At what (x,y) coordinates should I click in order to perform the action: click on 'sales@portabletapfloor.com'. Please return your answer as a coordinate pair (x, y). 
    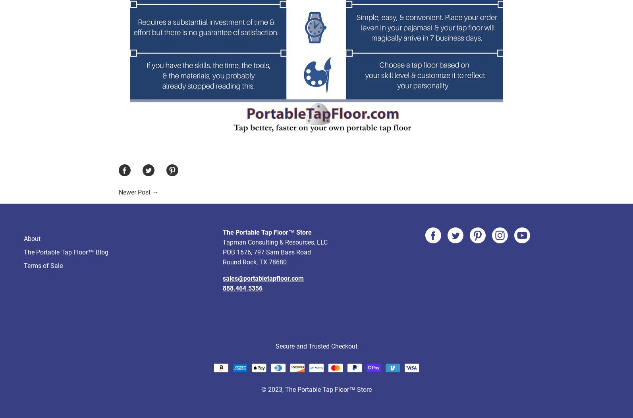
    Looking at the image, I should click on (262, 248).